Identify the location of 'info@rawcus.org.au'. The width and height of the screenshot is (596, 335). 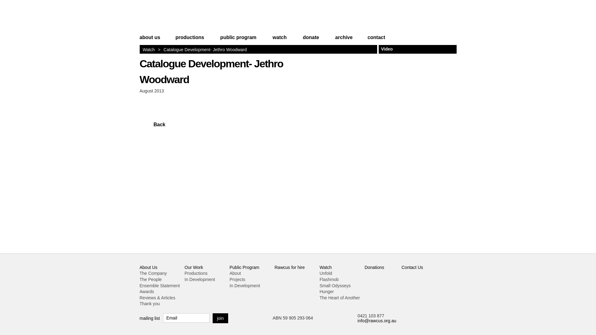
(377, 320).